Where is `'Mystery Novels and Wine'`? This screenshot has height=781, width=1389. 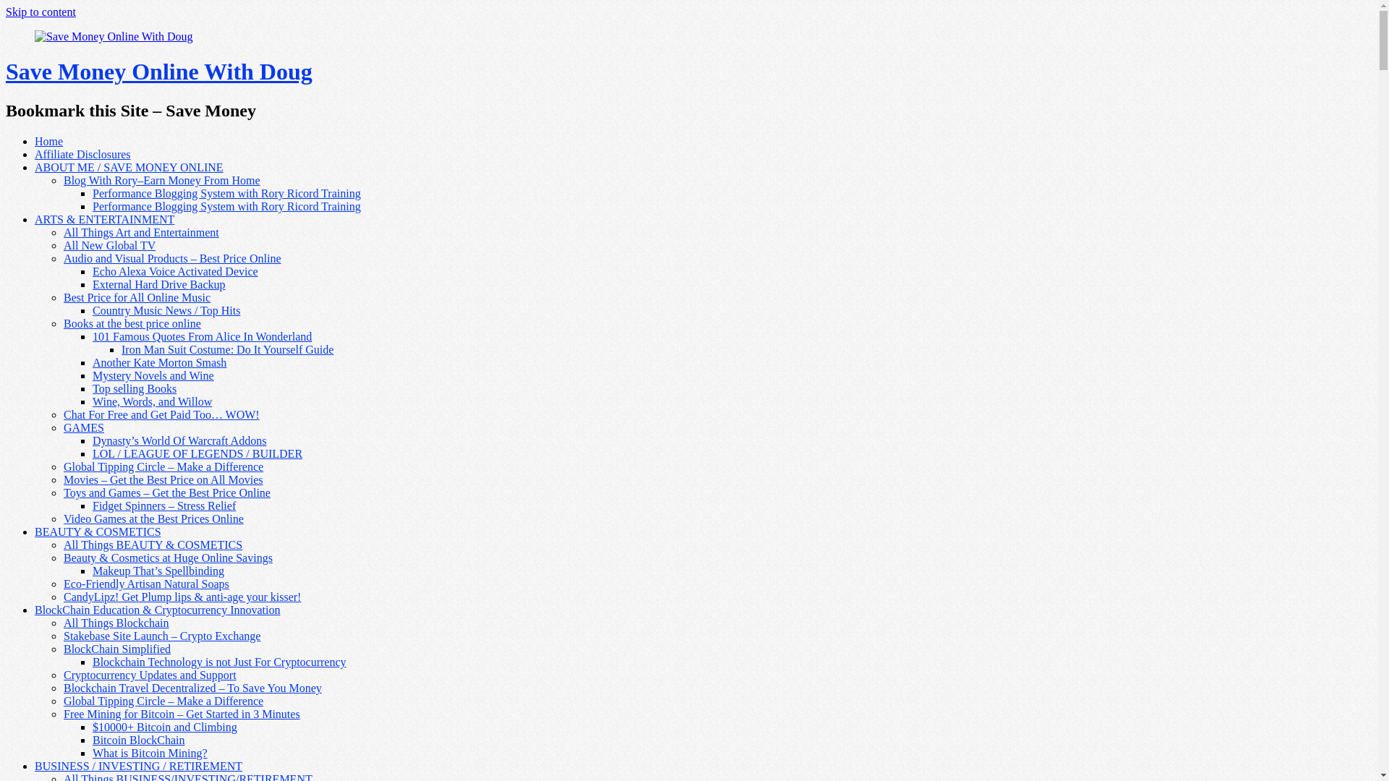
'Mystery Novels and Wine' is located at coordinates (153, 375).